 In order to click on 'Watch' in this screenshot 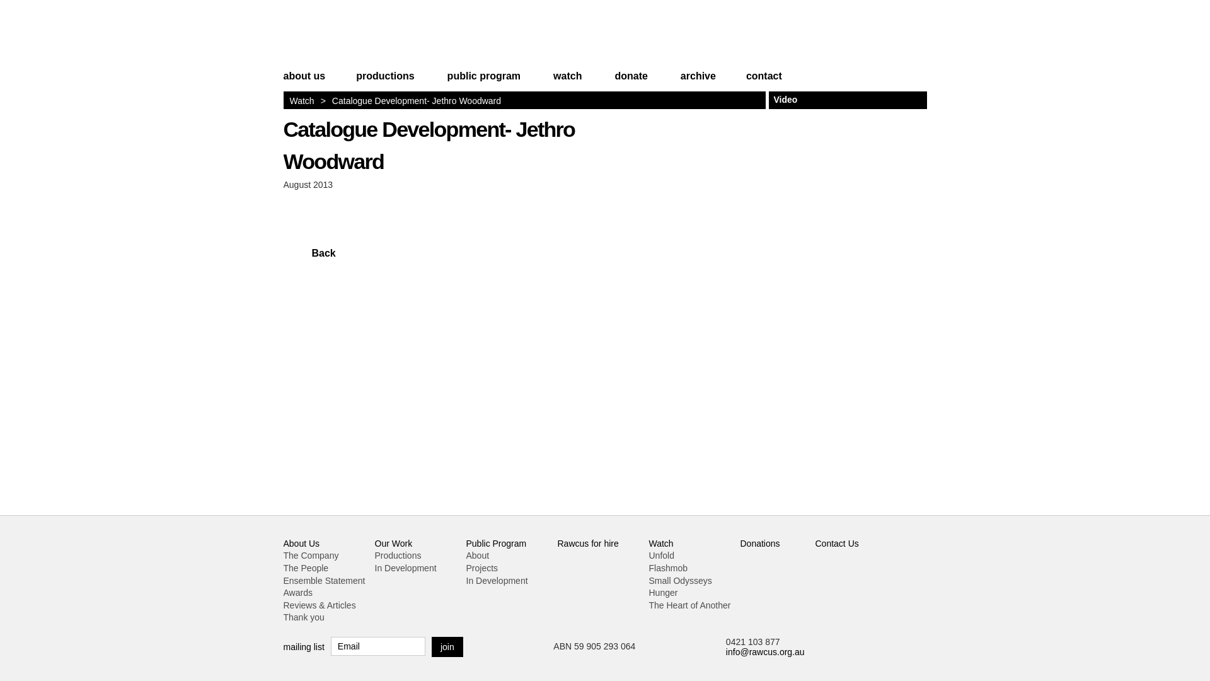, I will do `click(660, 542)`.